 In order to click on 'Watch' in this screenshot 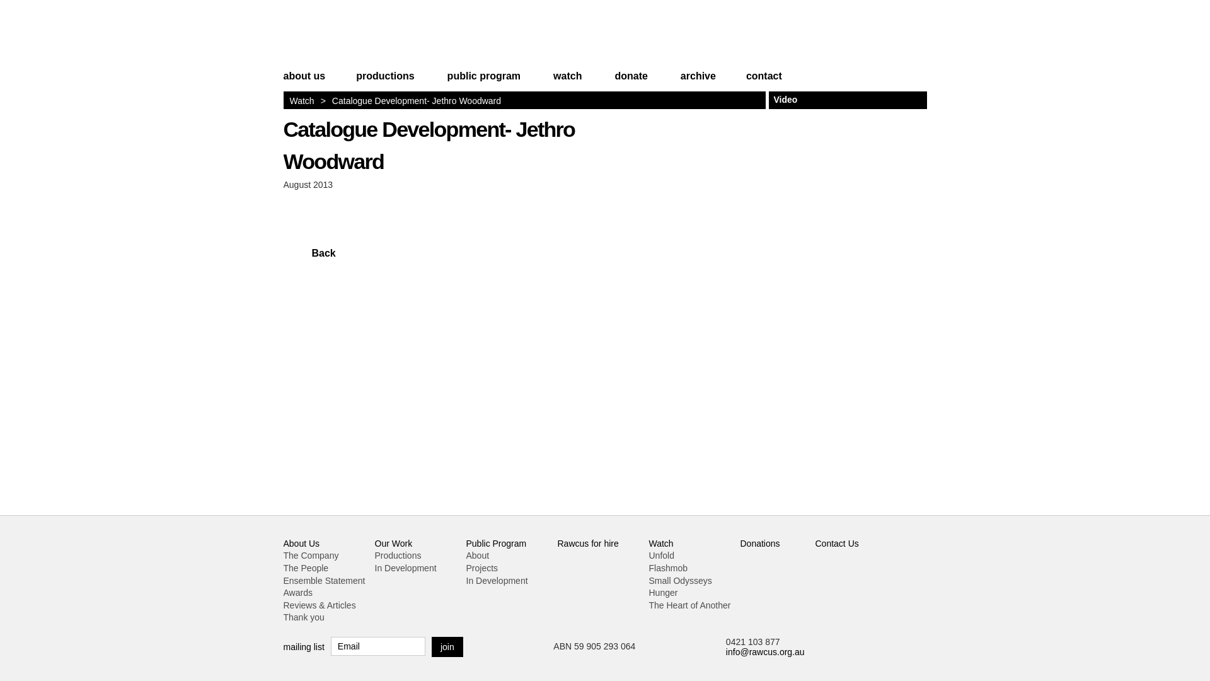, I will do `click(660, 542)`.